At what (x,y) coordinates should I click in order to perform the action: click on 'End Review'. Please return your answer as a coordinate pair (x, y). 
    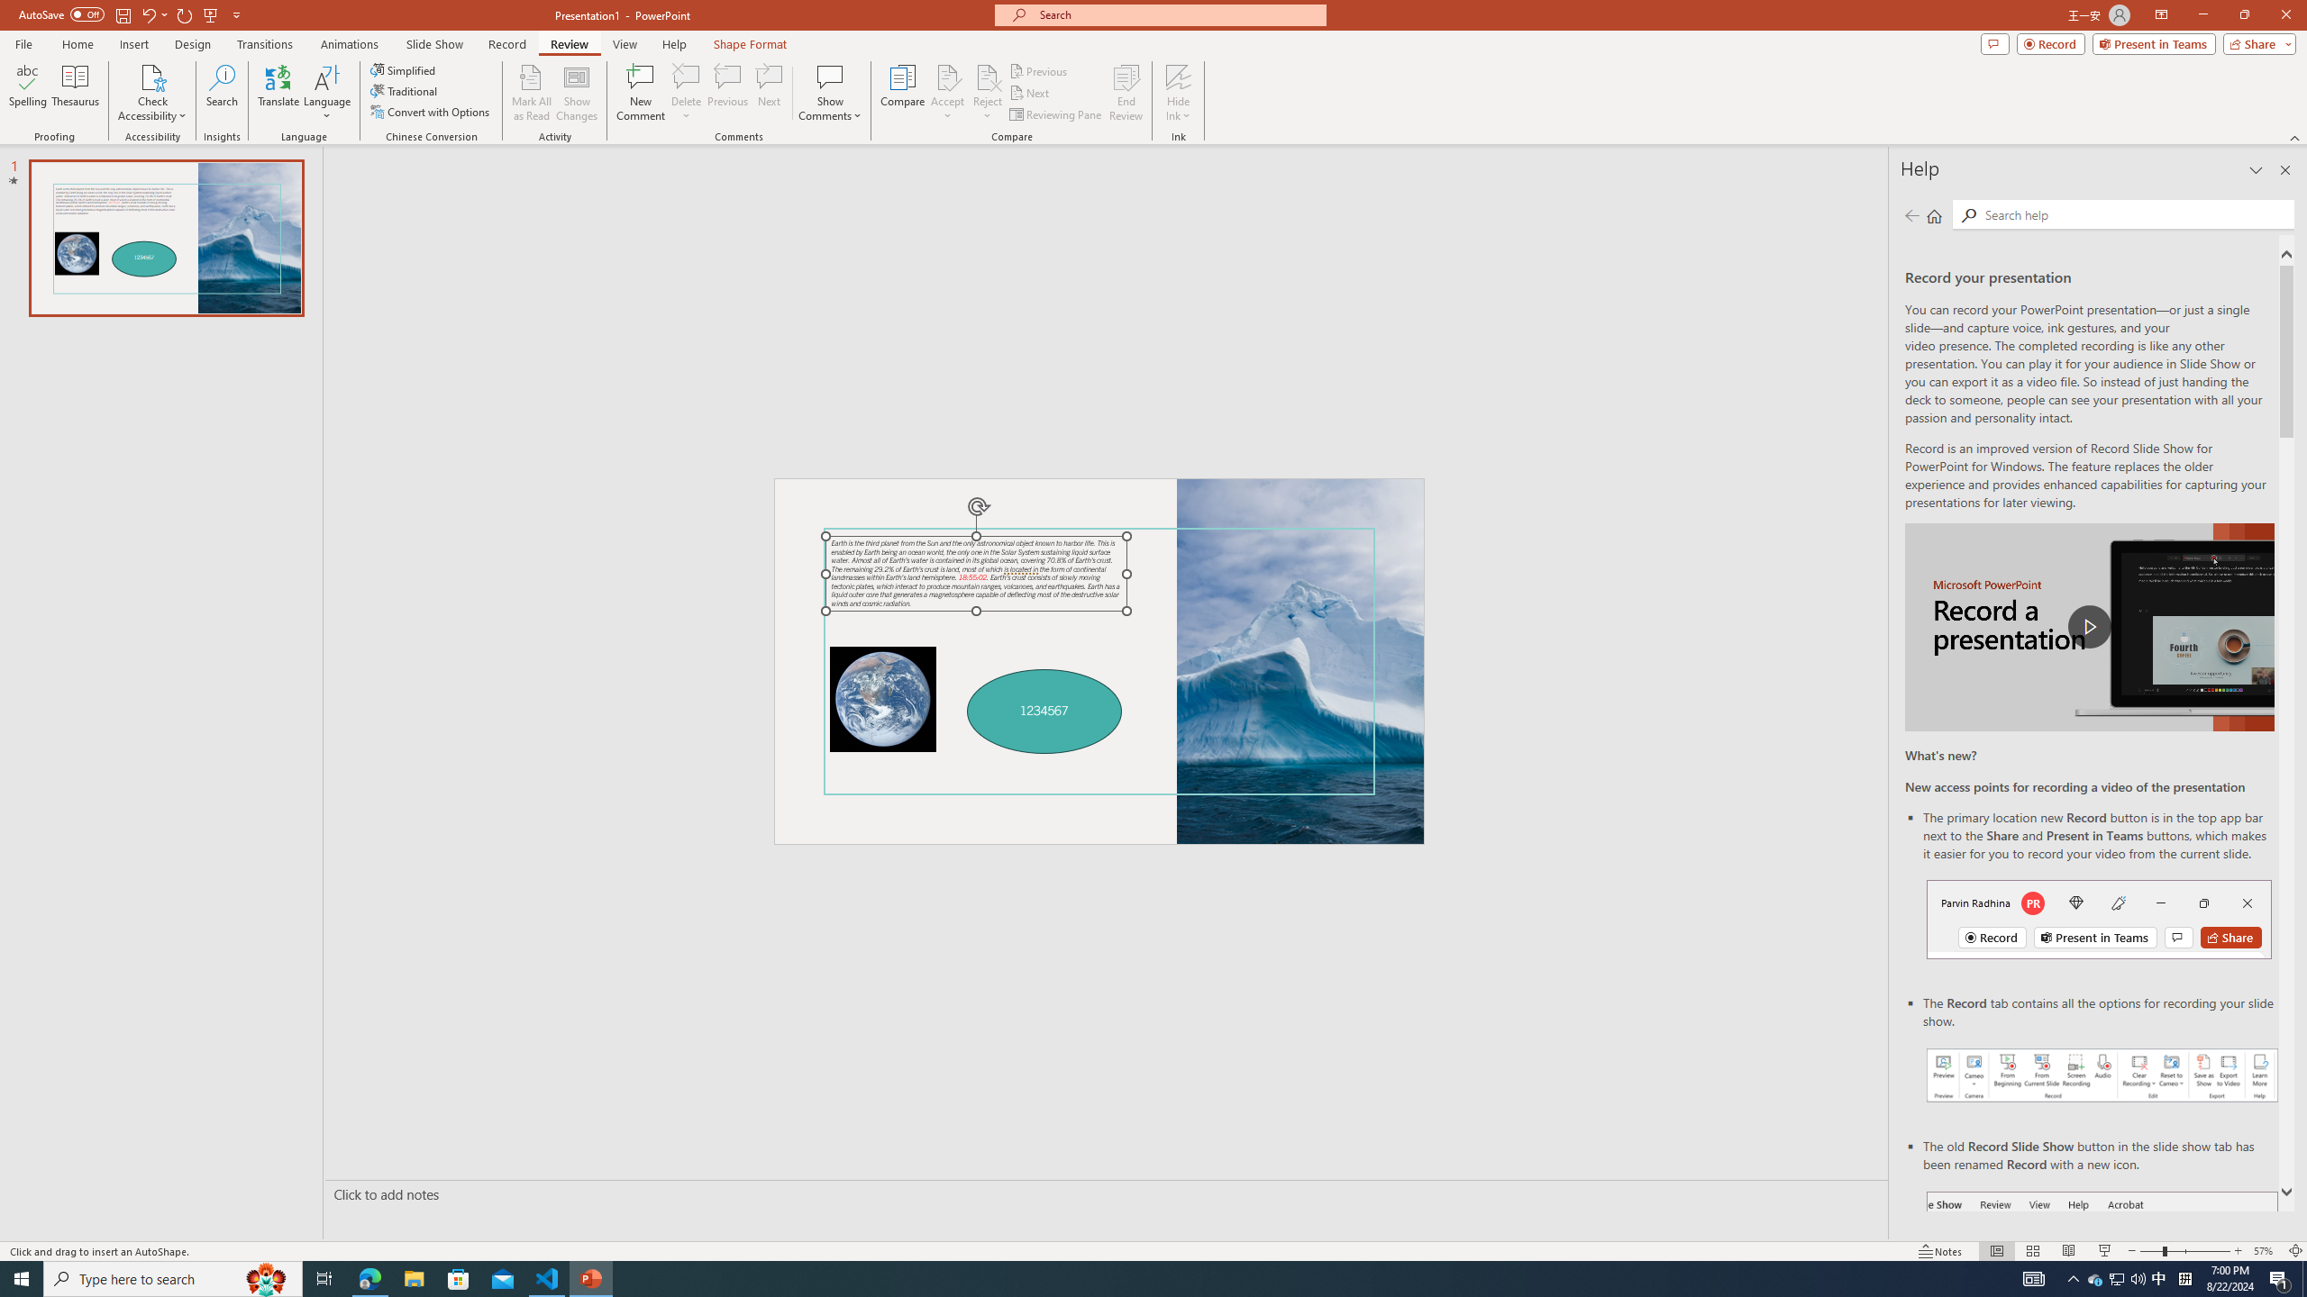
    Looking at the image, I should click on (1125, 93).